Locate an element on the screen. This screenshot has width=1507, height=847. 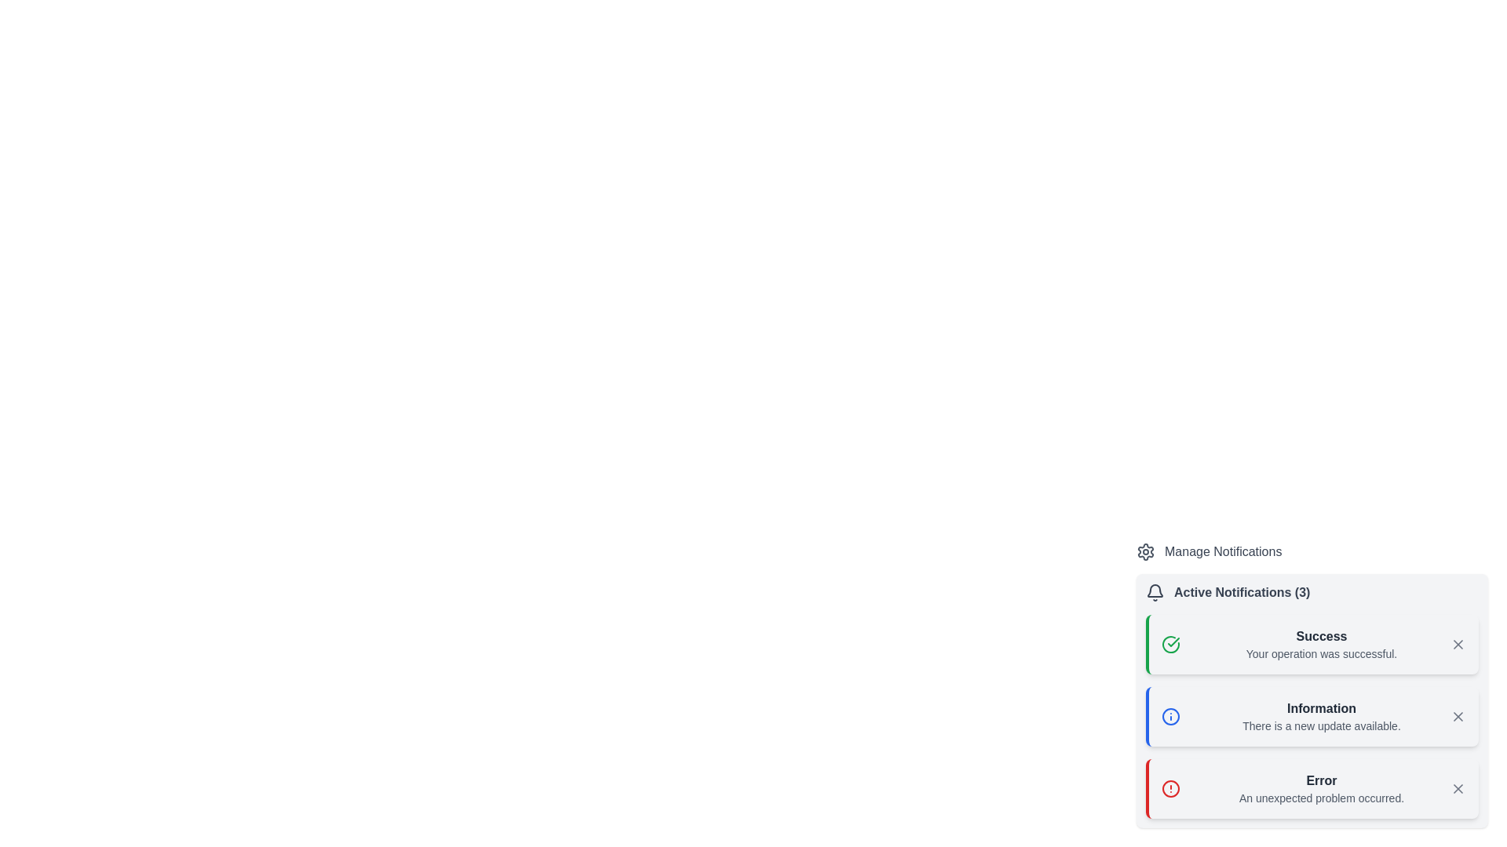
the Text block within the second notification card that contains the message 'Information' and 'There is a new update available.' is located at coordinates (1321, 717).